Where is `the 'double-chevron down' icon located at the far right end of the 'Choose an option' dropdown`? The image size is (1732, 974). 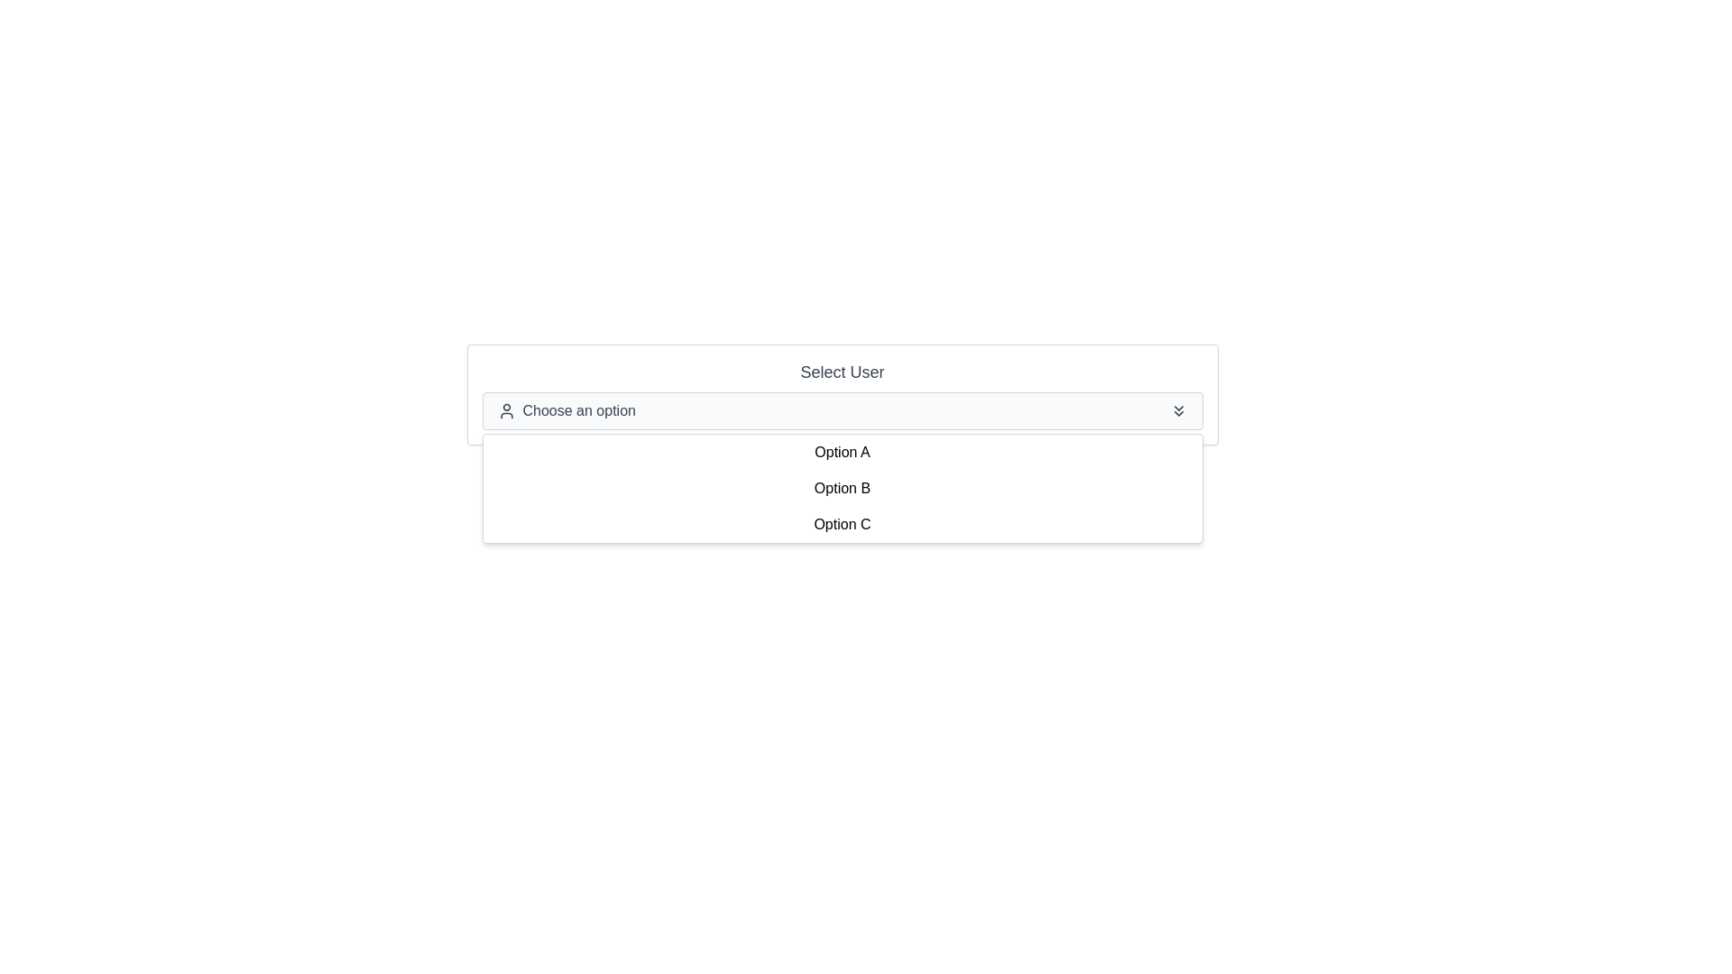
the 'double-chevron down' icon located at the far right end of the 'Choose an option' dropdown is located at coordinates (1178, 410).